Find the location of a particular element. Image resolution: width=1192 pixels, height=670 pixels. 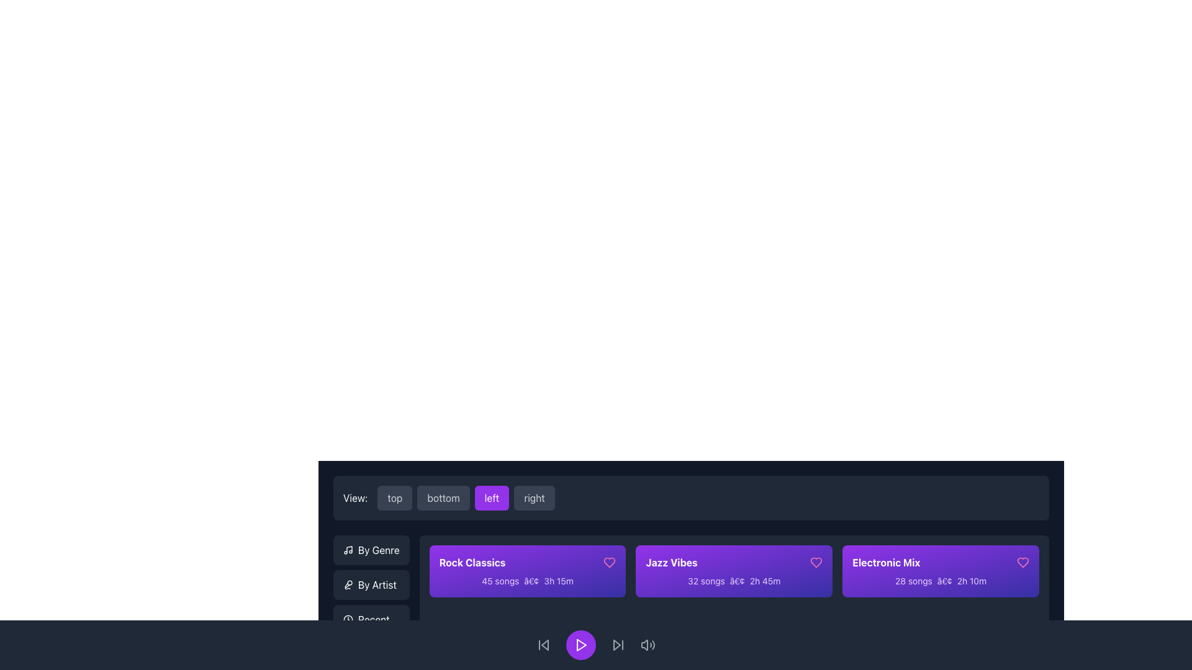

the bold, white text label reading 'Electronic Mix' which is centrally located within its card on the right side of the visible card row is located at coordinates (885, 562).